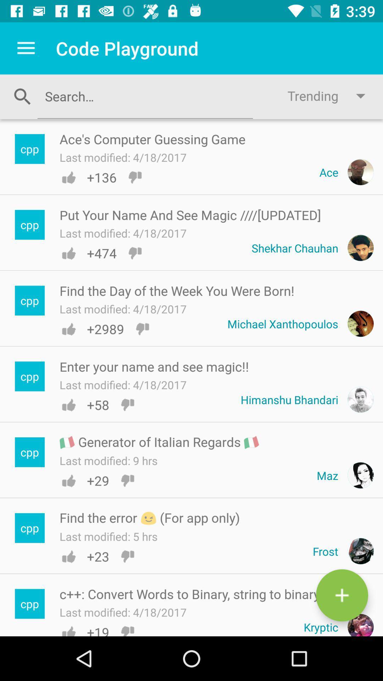 This screenshot has width=383, height=681. Describe the element at coordinates (145, 96) in the screenshot. I see `search term` at that location.